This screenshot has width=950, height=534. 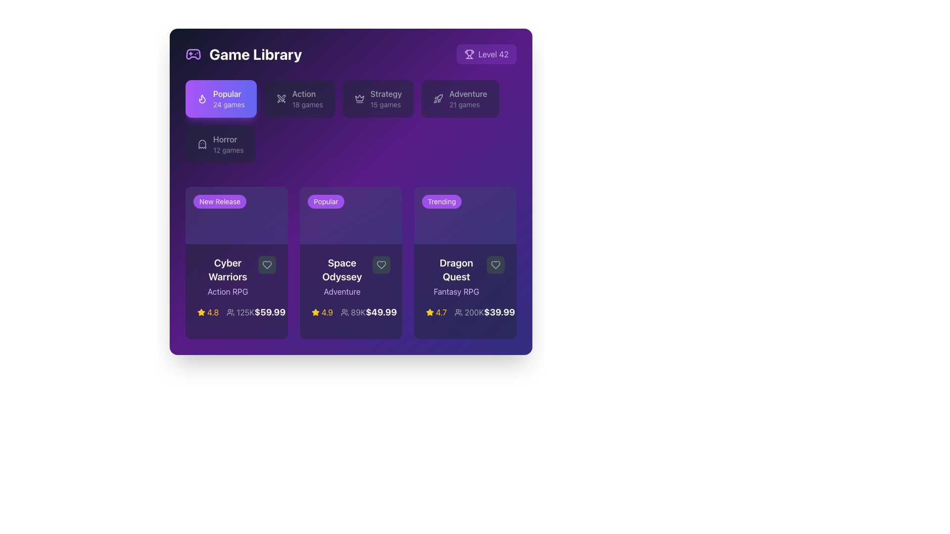 I want to click on the Game Library text label, which serves as a title or heading and is positioned to the right of a gamepad icon, so click(x=255, y=54).